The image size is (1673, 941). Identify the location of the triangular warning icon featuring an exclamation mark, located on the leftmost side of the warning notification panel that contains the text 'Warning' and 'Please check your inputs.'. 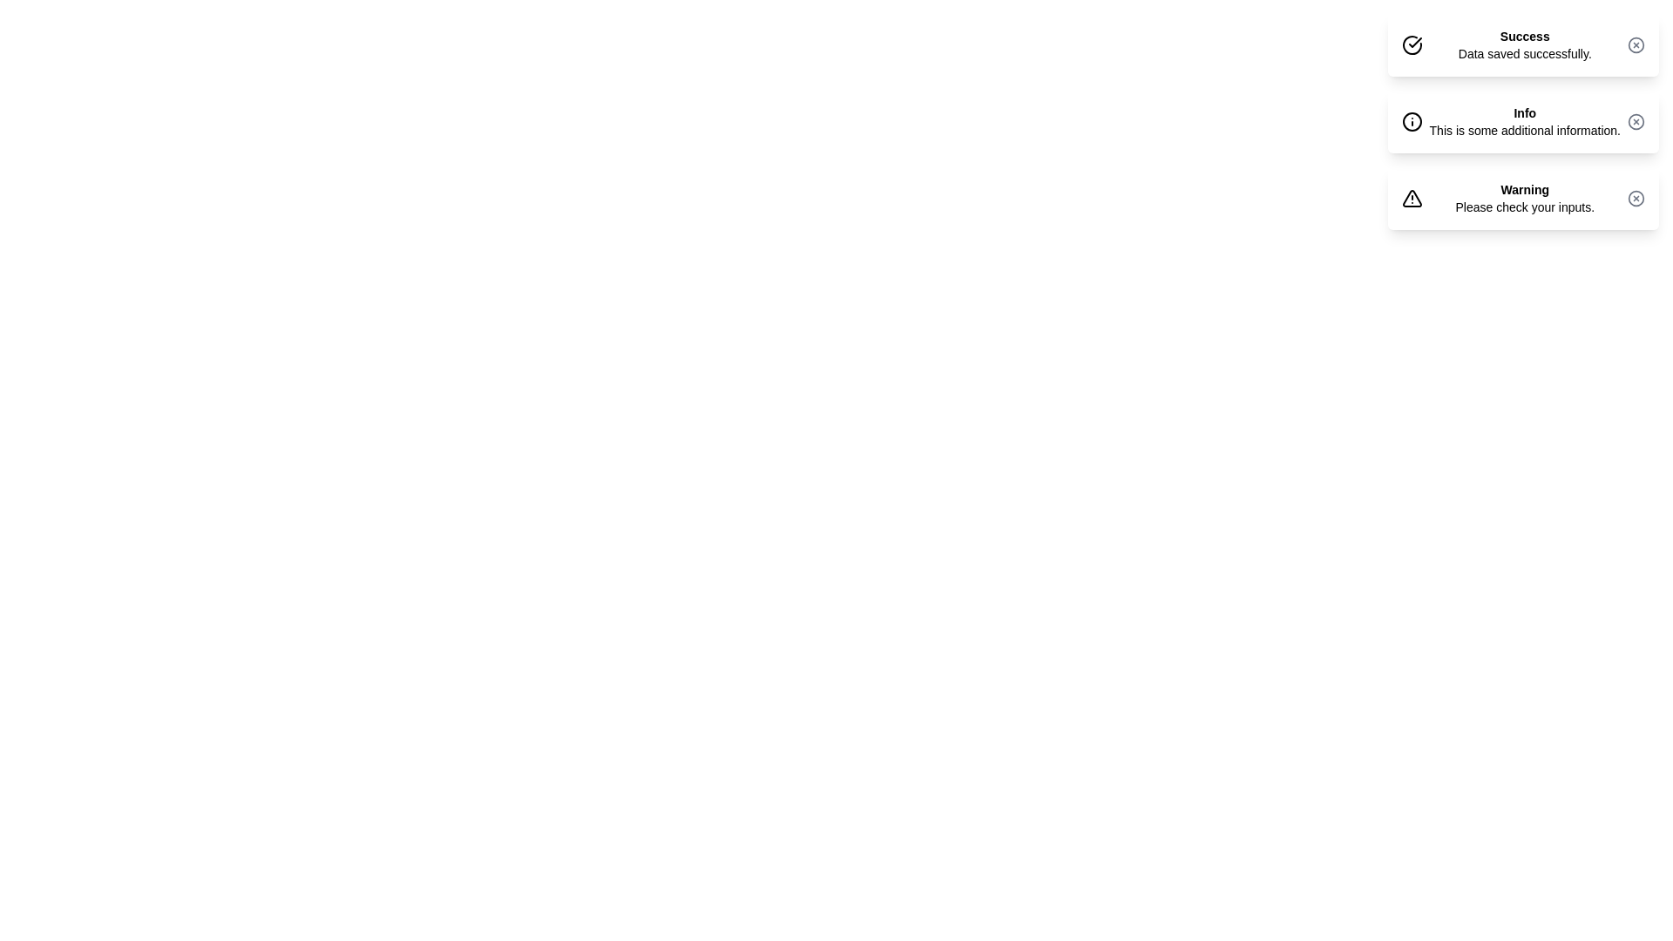
(1415, 197).